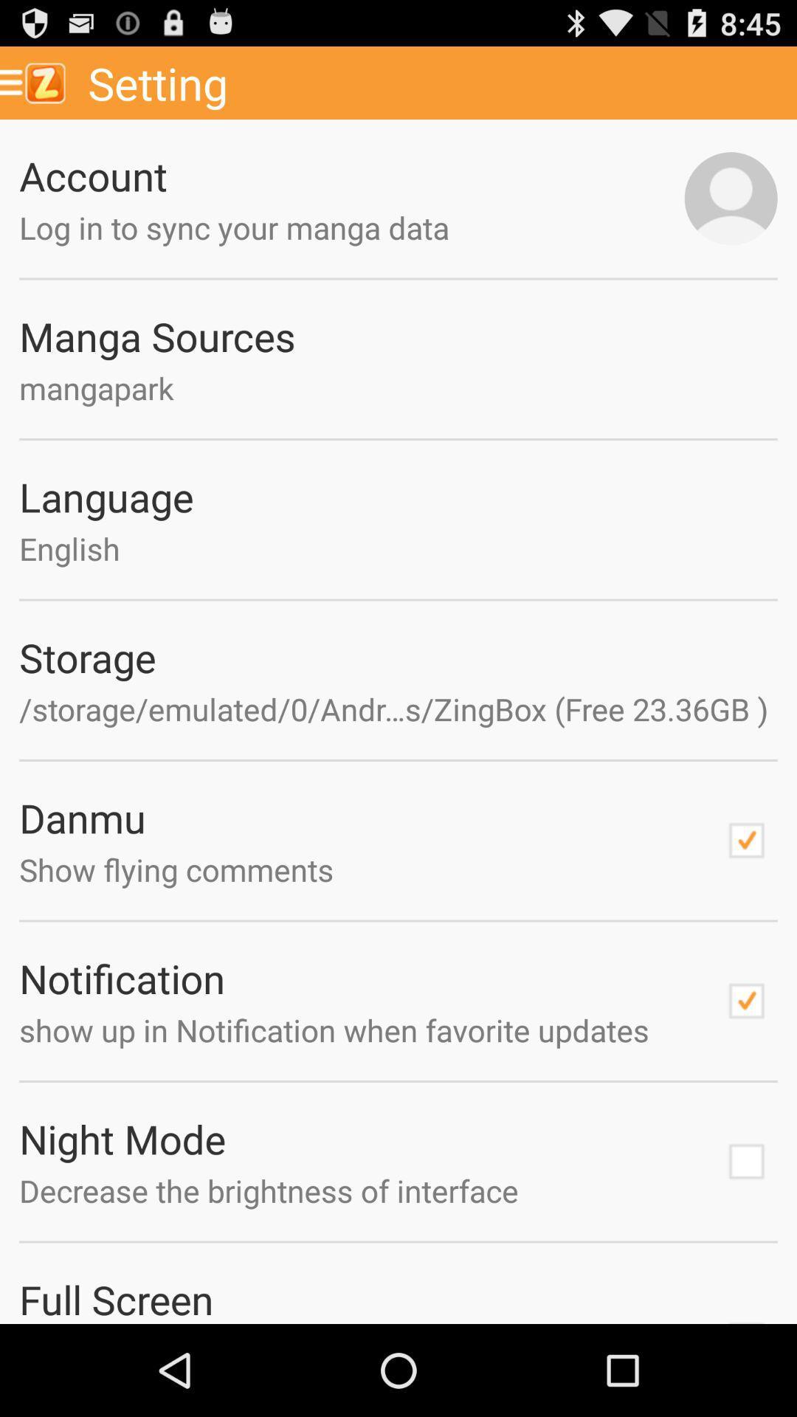  What do you see at coordinates (746, 841) in the screenshot?
I see `switch show flying comments check box` at bounding box center [746, 841].